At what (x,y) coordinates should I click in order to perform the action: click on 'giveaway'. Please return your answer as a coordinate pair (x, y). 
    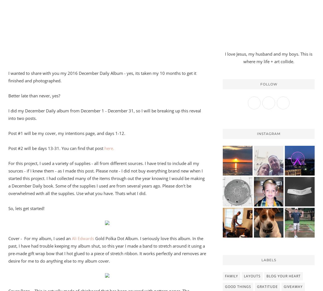
    Looking at the image, I should click on (293, 286).